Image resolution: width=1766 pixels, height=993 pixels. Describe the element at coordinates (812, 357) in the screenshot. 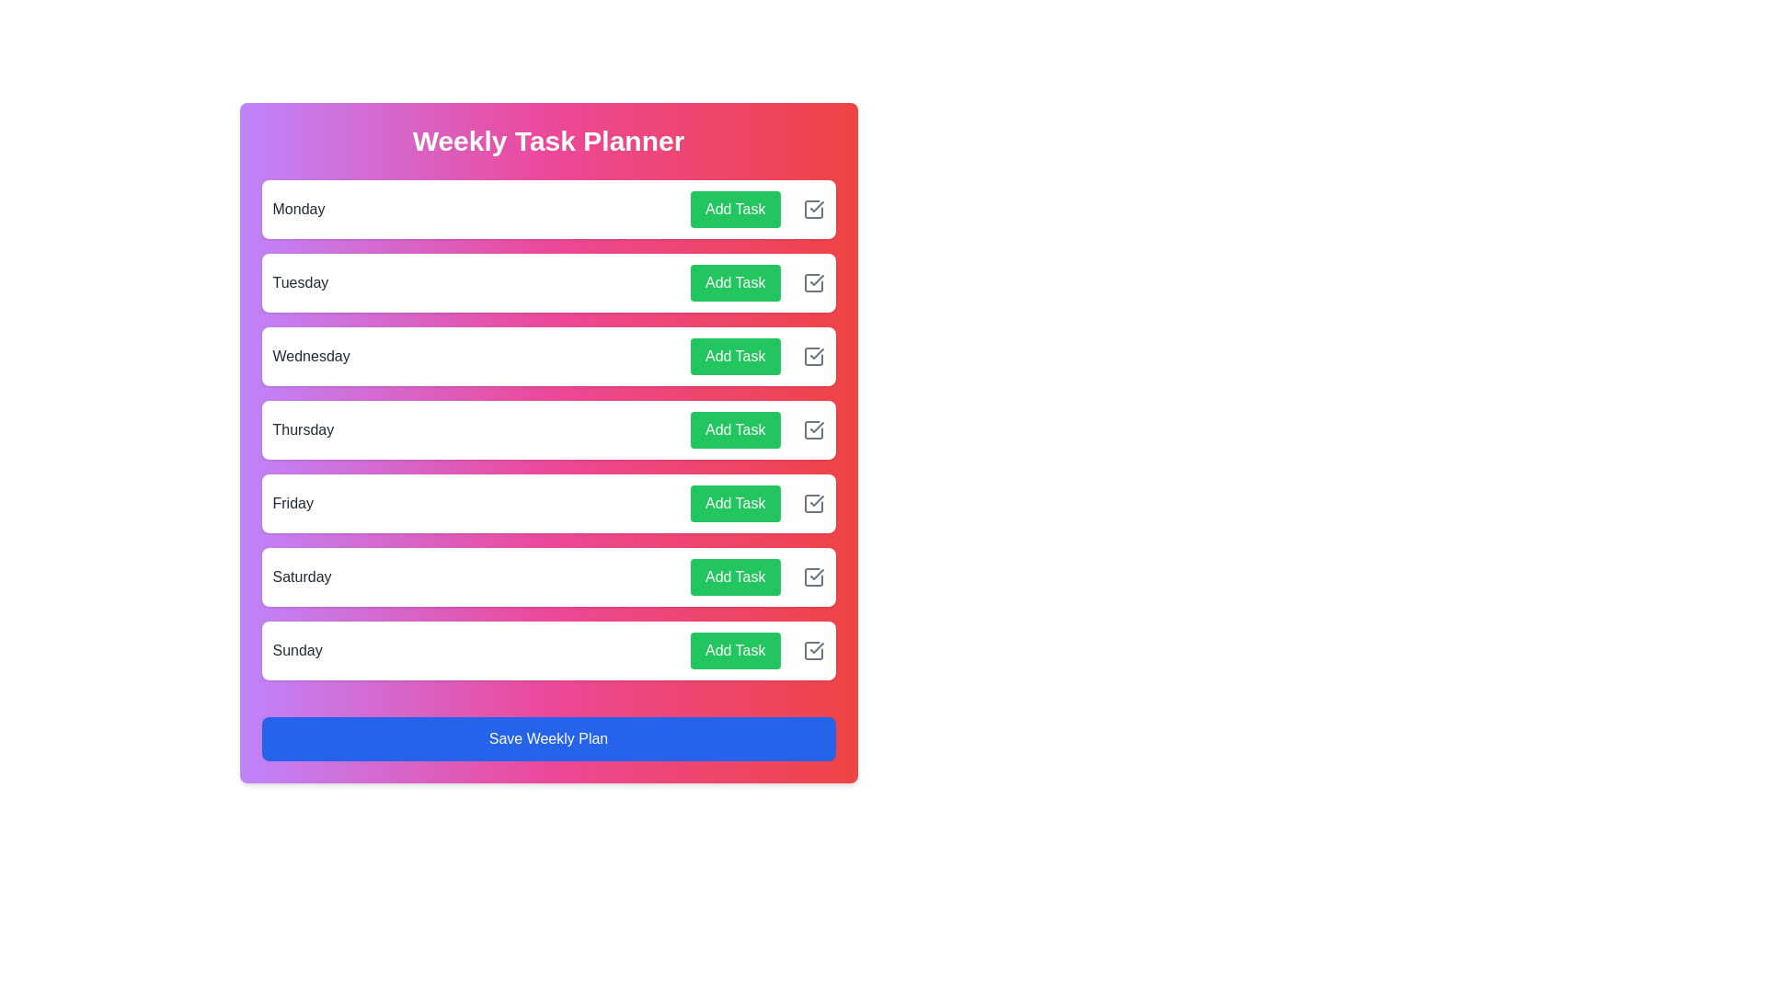

I see `the checkbox icon for Wednesday to mark the task as completed` at that location.